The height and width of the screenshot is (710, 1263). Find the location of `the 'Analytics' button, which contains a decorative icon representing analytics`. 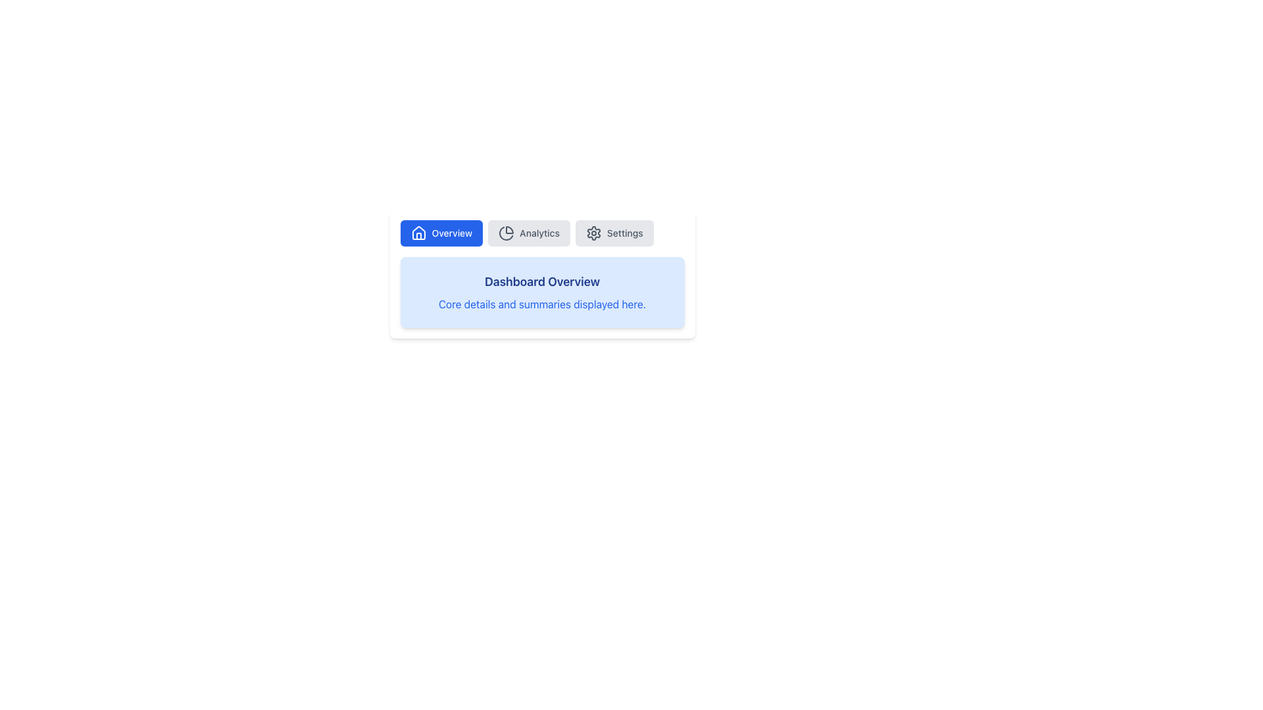

the 'Analytics' button, which contains a decorative icon representing analytics is located at coordinates (506, 232).